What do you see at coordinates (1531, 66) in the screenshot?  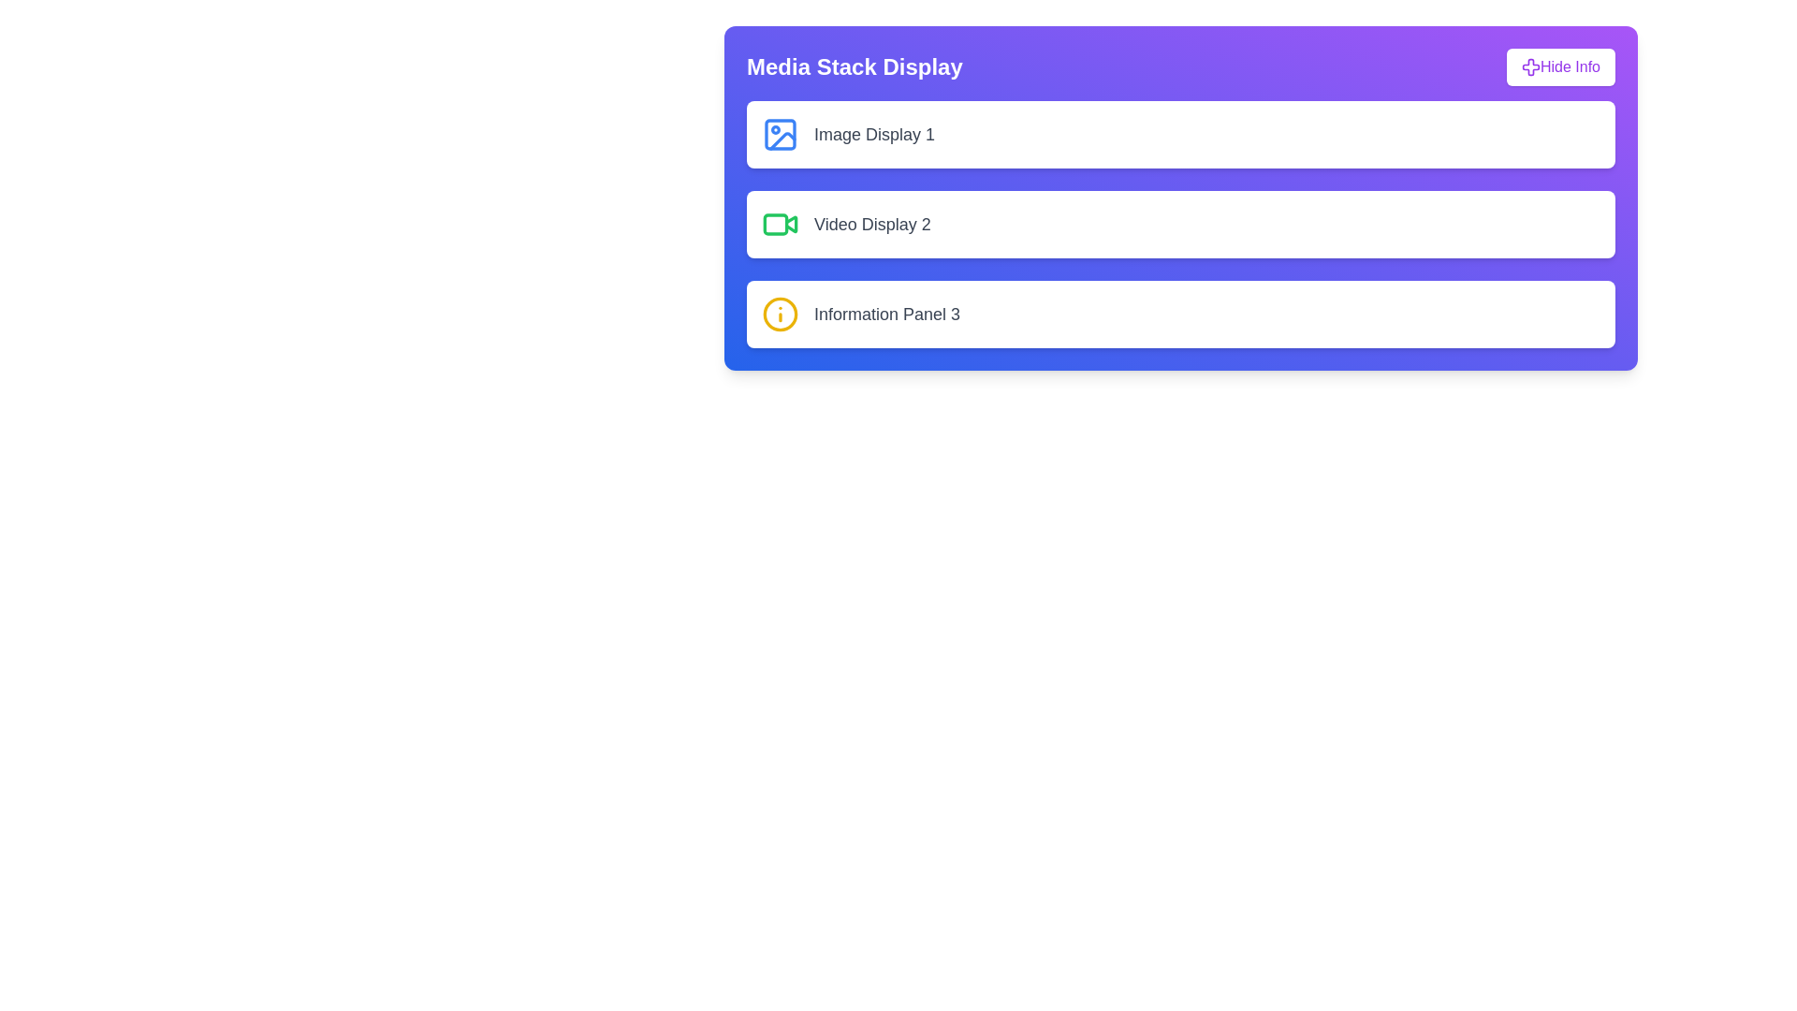 I see `the close/dismiss icon located in the top-right corner of the 'Media Stack Display' header section, which is part of the 'Hide Info' button` at bounding box center [1531, 66].